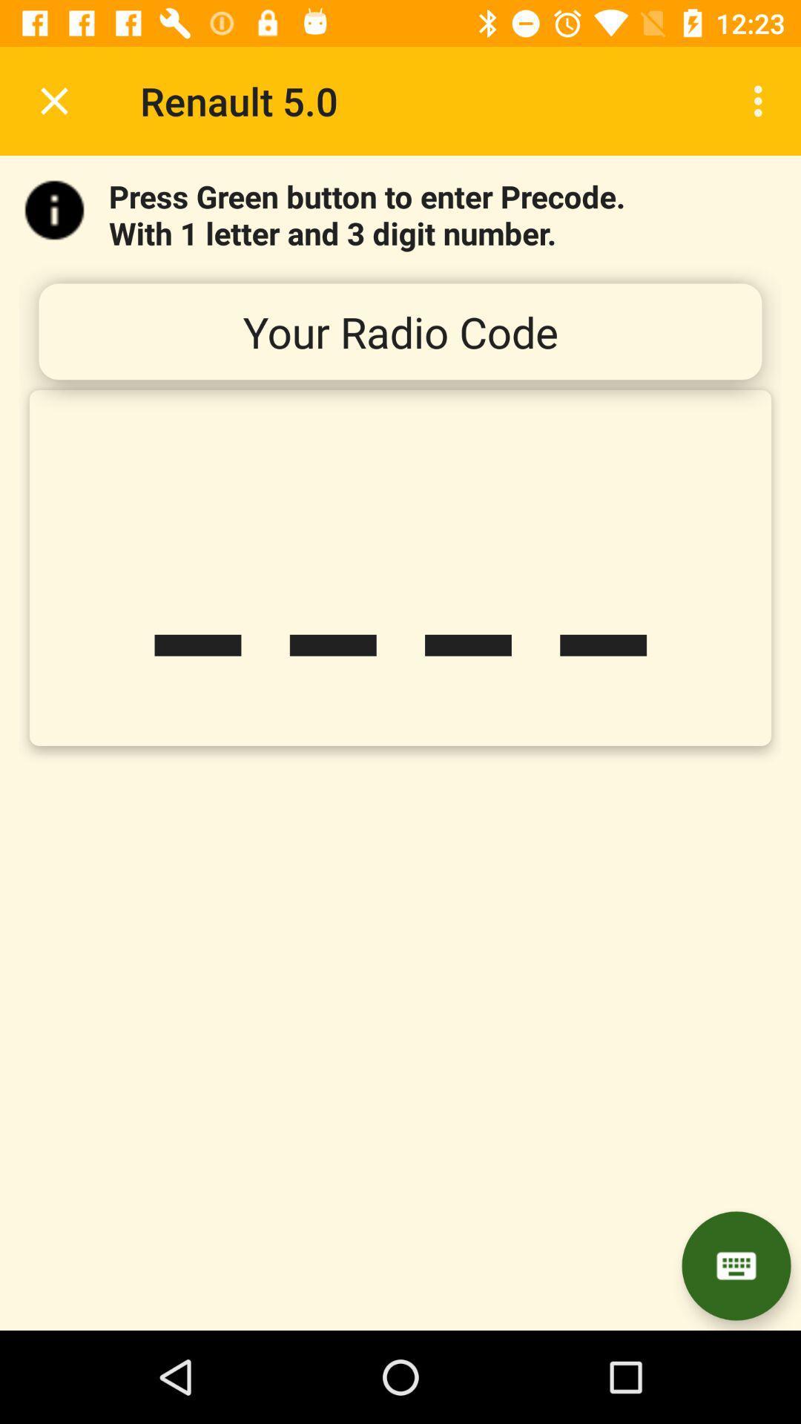 The image size is (801, 1424). I want to click on item below the _ _ _ item, so click(736, 1265).